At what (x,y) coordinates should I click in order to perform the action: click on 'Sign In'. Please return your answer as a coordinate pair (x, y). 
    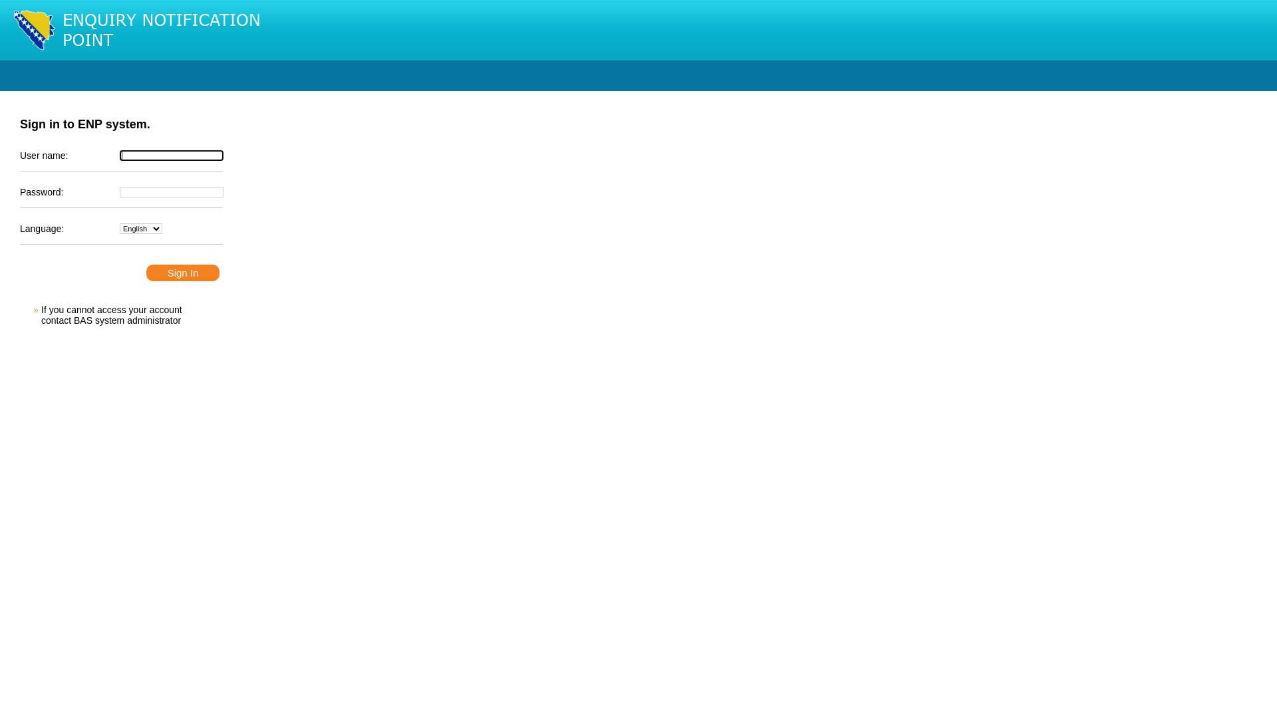
    Looking at the image, I should click on (182, 272).